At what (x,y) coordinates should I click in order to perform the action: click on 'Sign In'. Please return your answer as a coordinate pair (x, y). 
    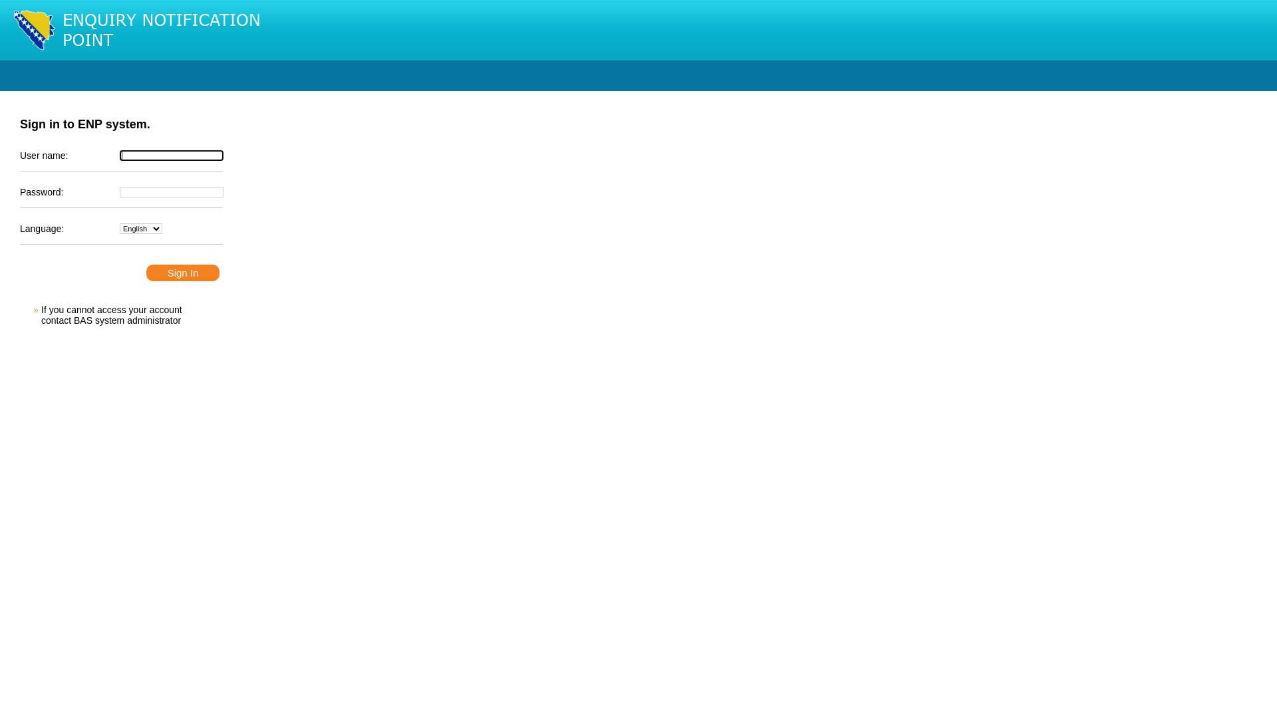
    Looking at the image, I should click on (182, 272).